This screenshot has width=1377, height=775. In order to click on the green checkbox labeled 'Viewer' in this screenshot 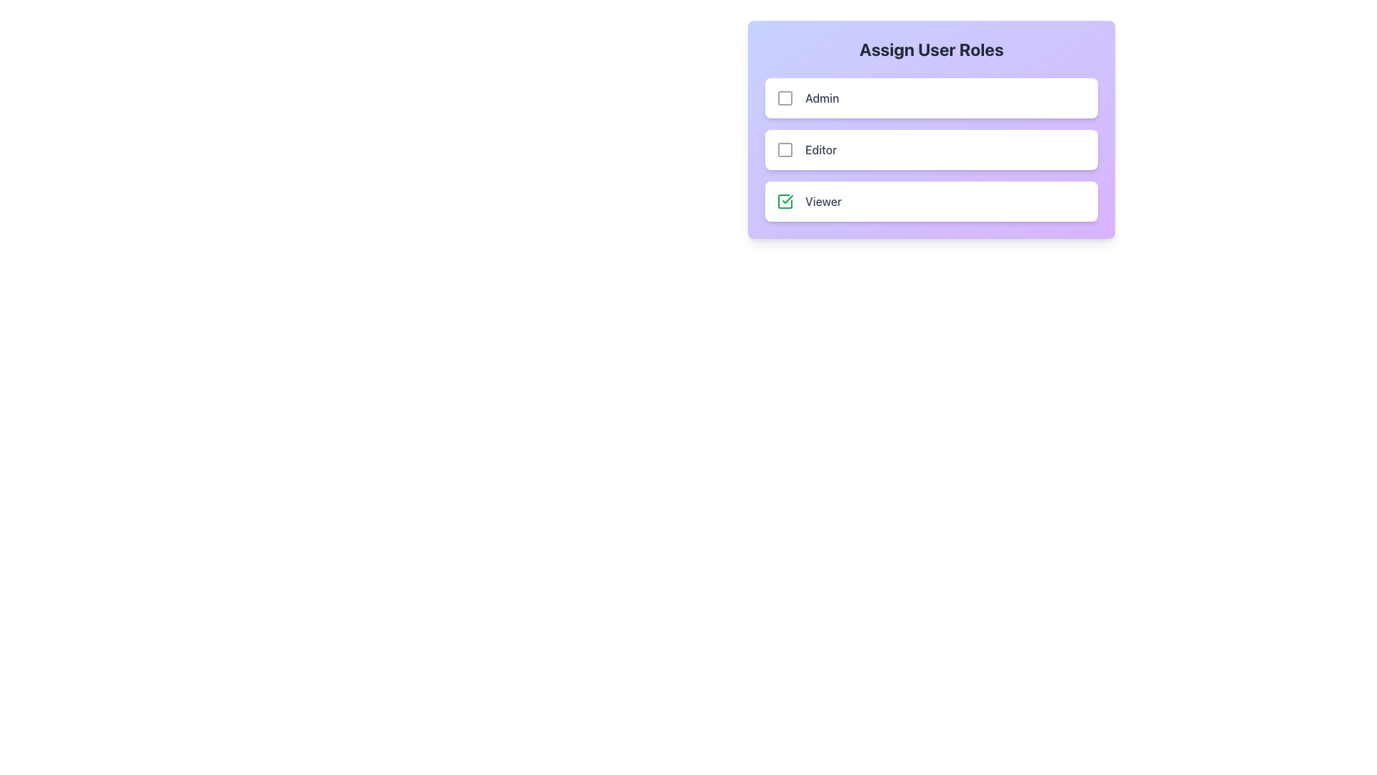, I will do `click(809, 202)`.